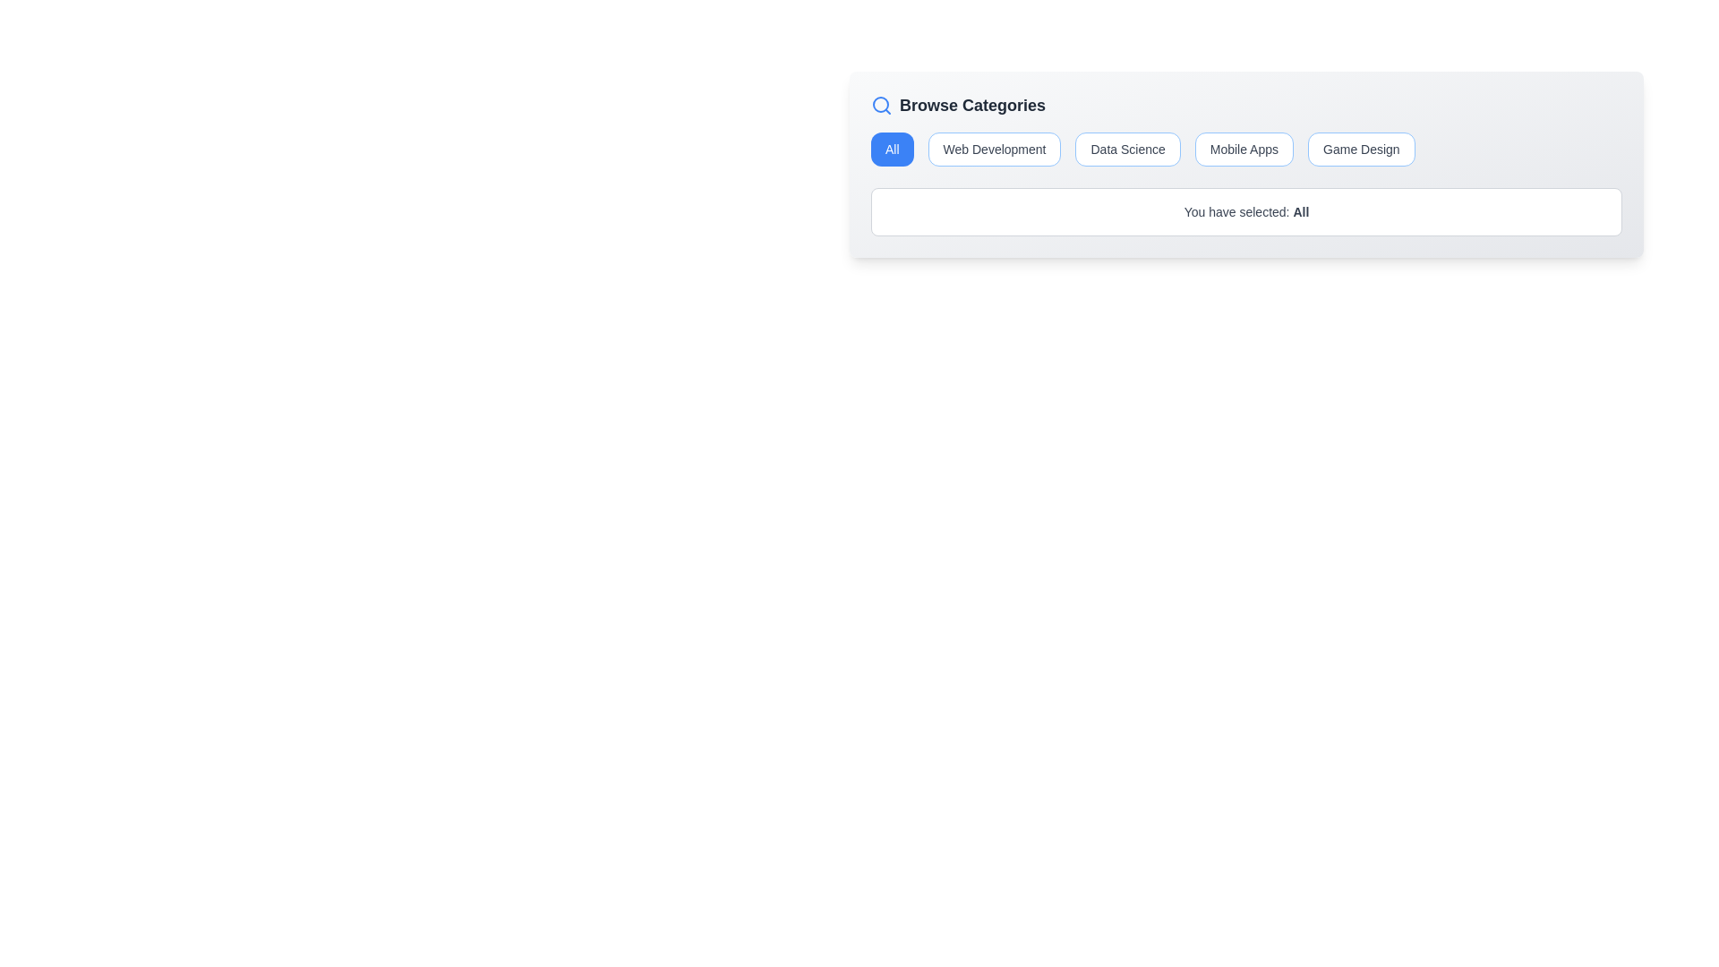 The width and height of the screenshot is (1719, 967). I want to click on the magnifying glass icon located to the left of the 'Browse Categories' text, so click(881, 106).